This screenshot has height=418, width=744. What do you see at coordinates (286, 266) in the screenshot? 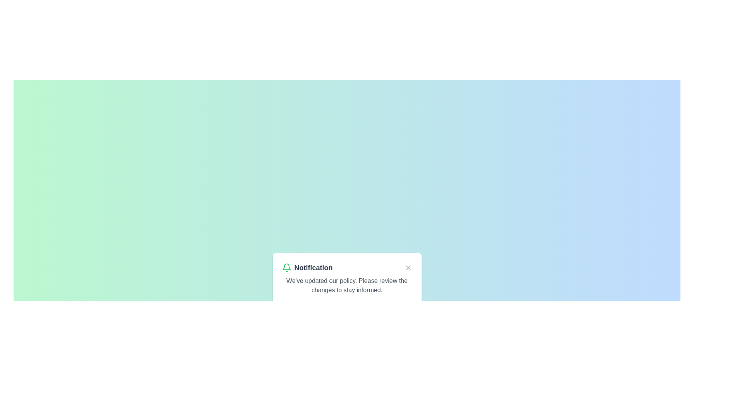
I see `the notification bell icon located in the lower central area of the floating notification card, specifically on the left side of the header` at bounding box center [286, 266].